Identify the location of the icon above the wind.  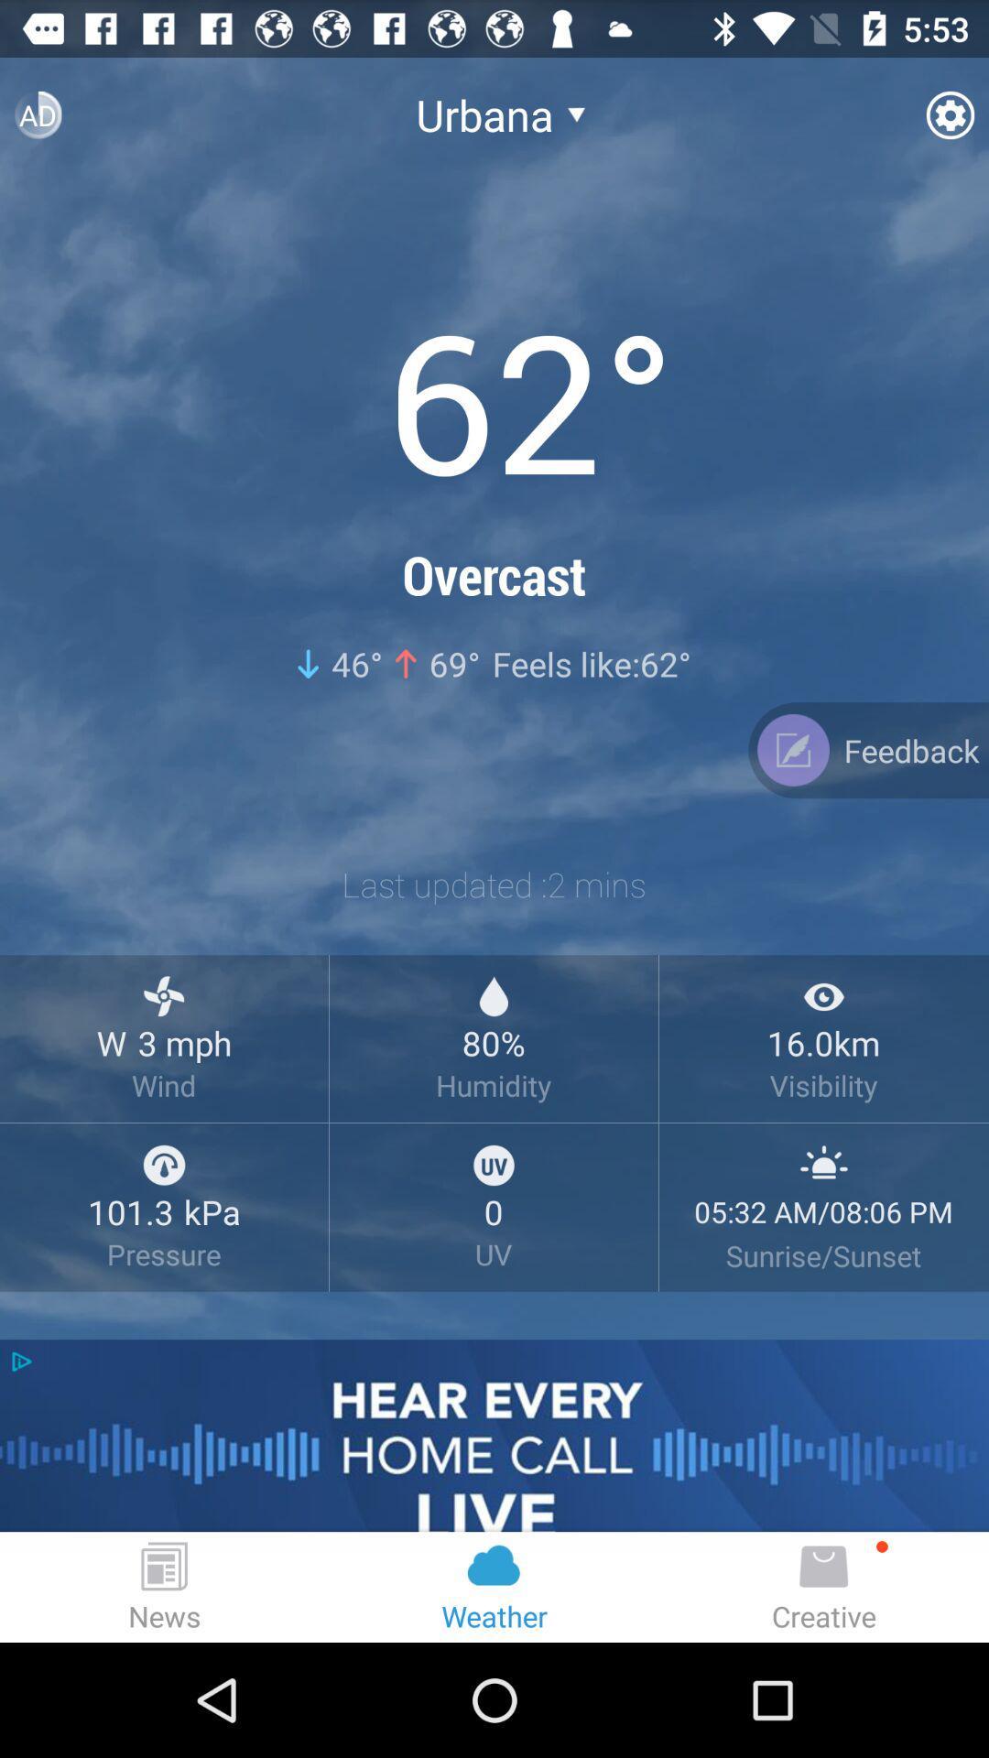
(163, 995).